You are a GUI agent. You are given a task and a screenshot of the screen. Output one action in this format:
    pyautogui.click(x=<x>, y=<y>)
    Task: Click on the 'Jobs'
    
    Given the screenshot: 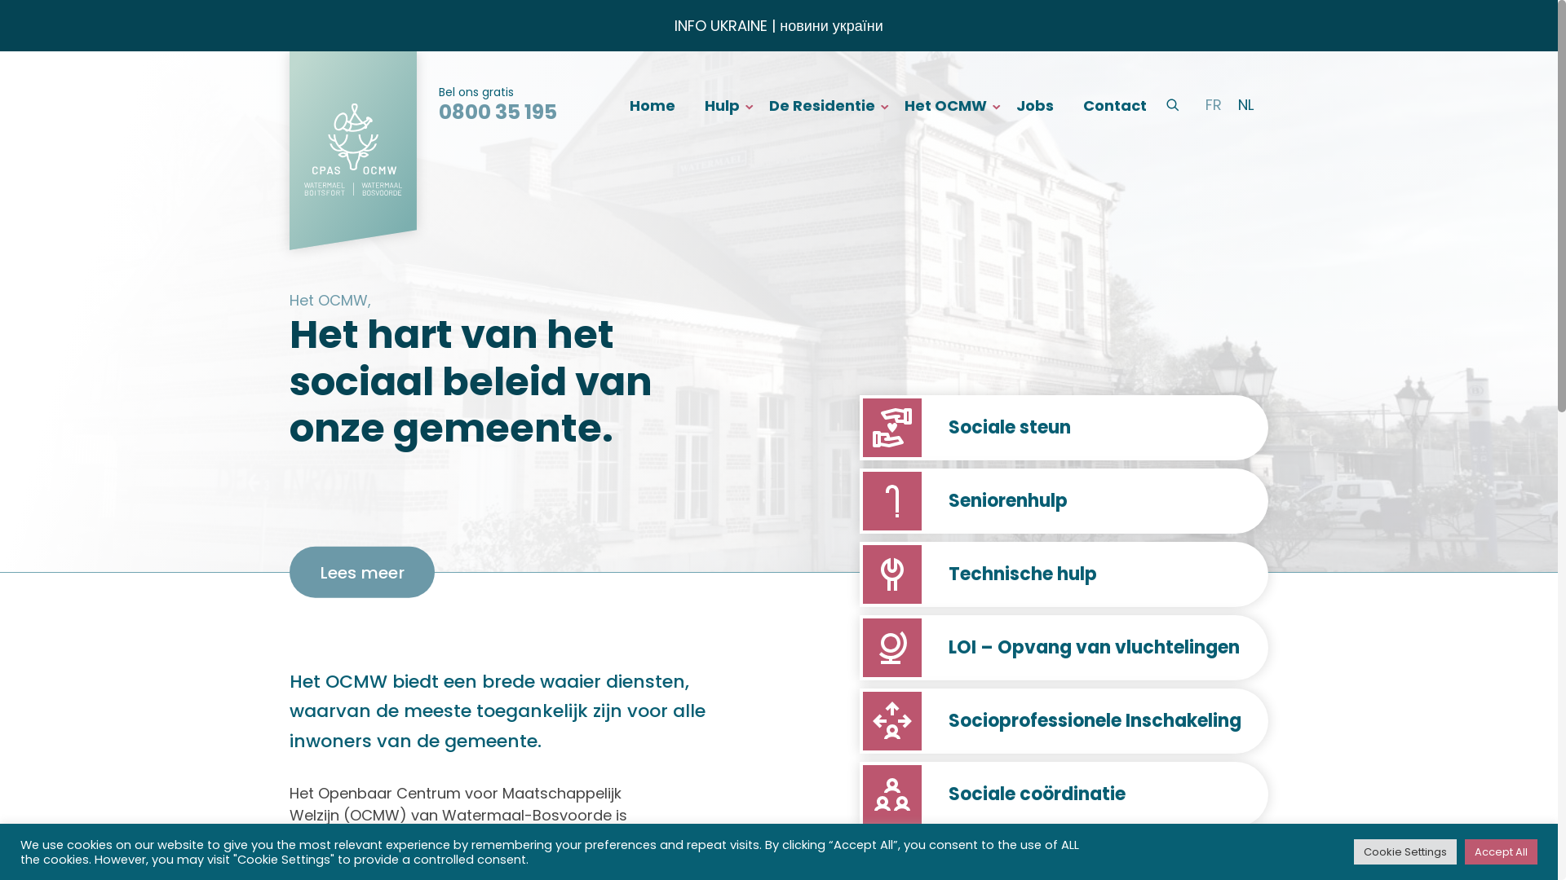 What is the action you would take?
    pyautogui.click(x=1033, y=104)
    